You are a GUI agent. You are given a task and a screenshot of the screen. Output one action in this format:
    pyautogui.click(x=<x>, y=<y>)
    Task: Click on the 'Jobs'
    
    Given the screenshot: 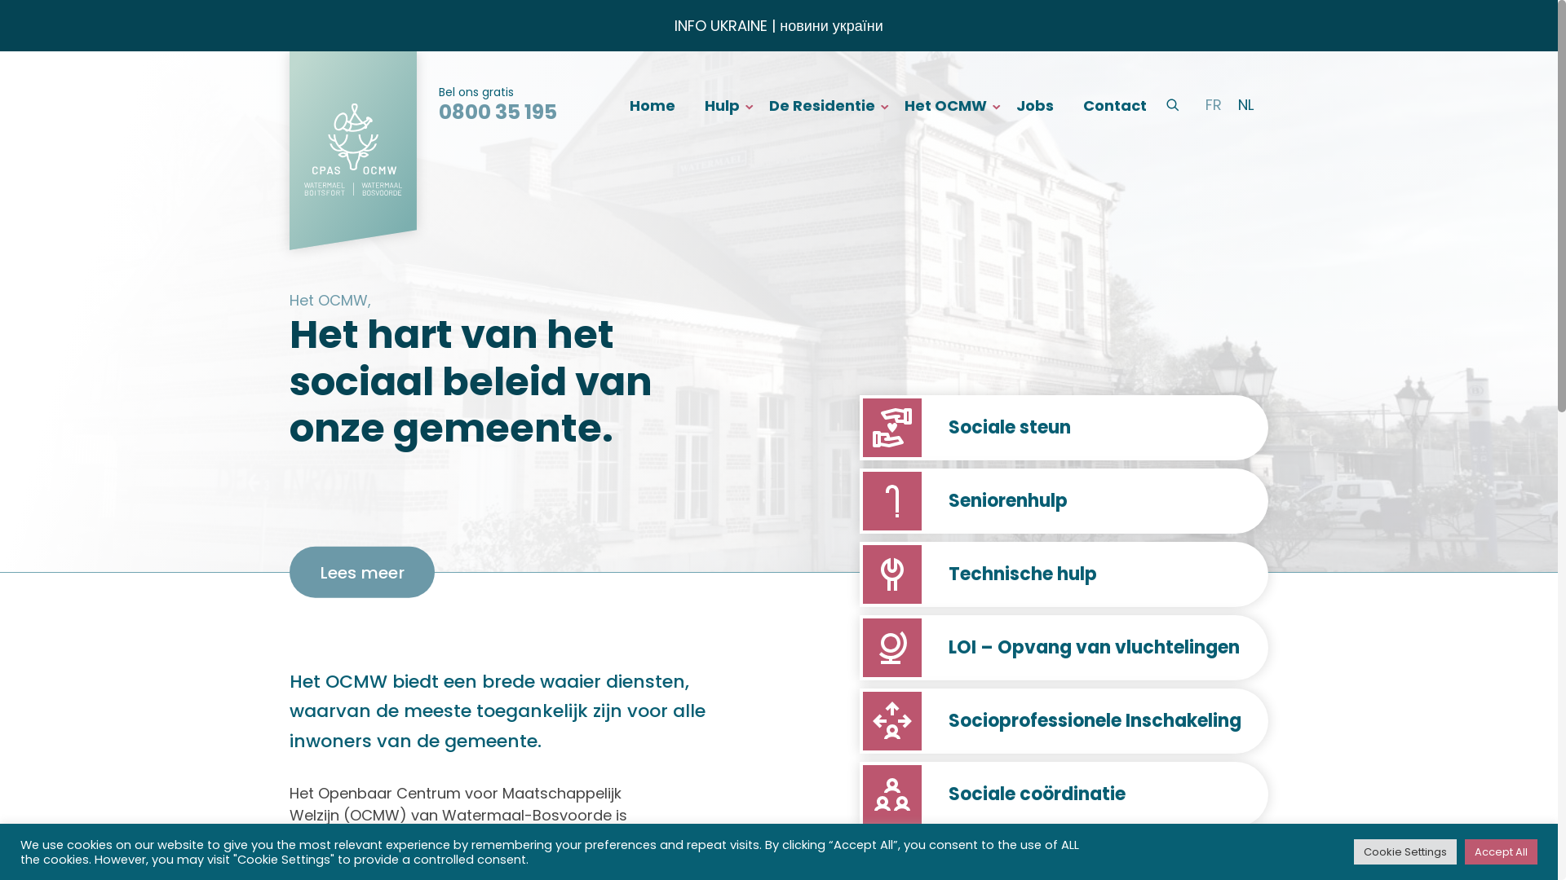 What is the action you would take?
    pyautogui.click(x=1033, y=104)
    